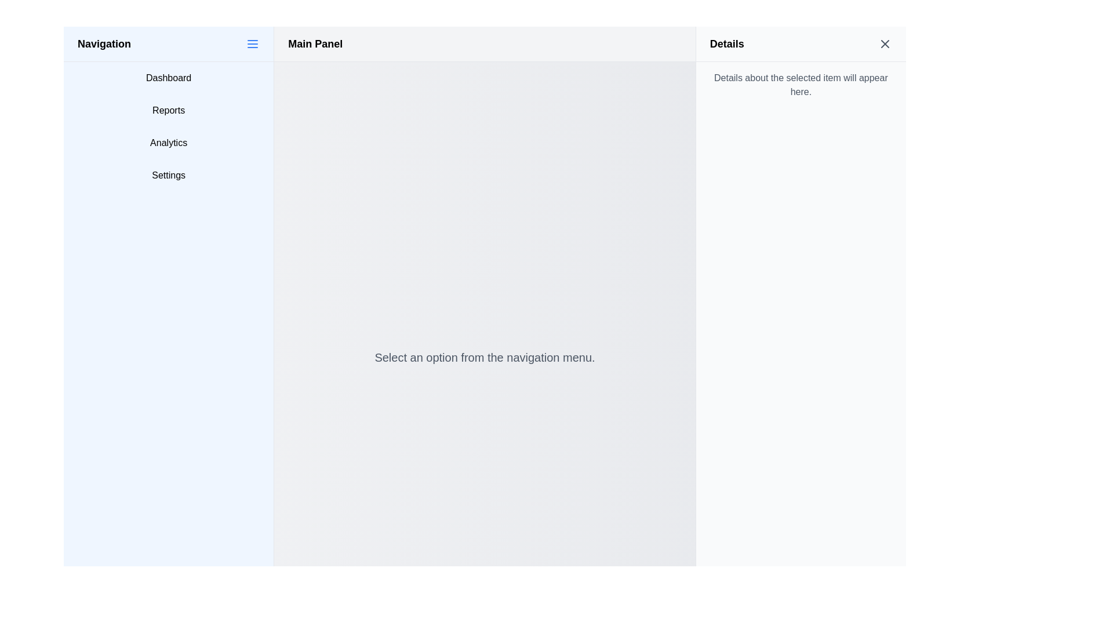  Describe the element at coordinates (884, 43) in the screenshot. I see `the 'X' icon in the top-right corner of the 'Details' section` at that location.